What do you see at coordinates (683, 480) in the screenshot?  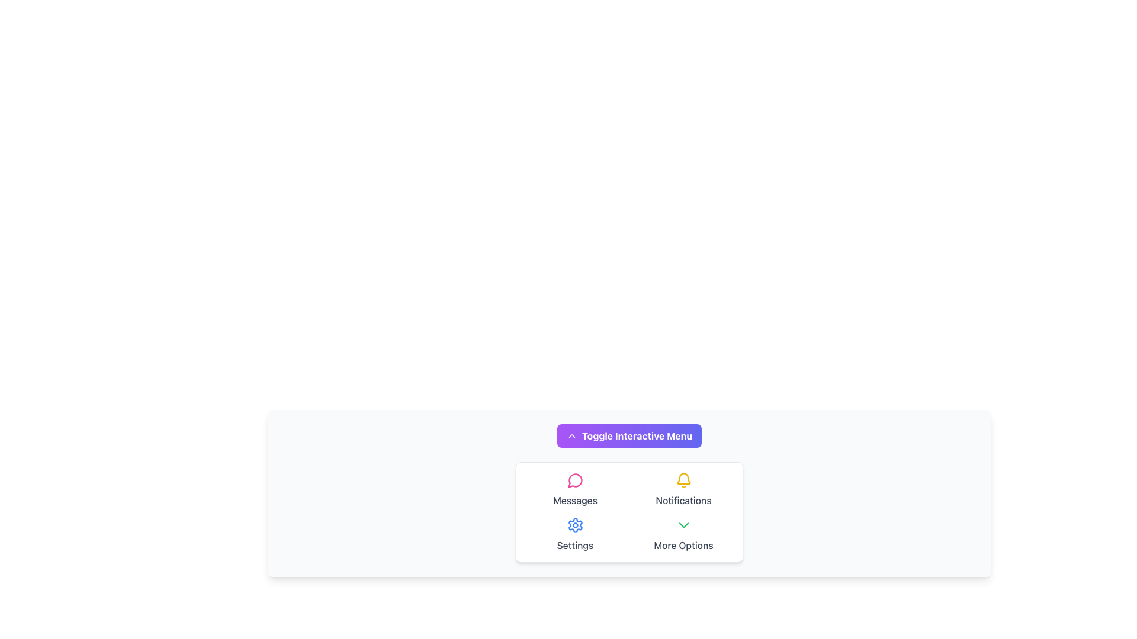 I see `the notifications icon located in the center-right portion of the sub-menu box` at bounding box center [683, 480].